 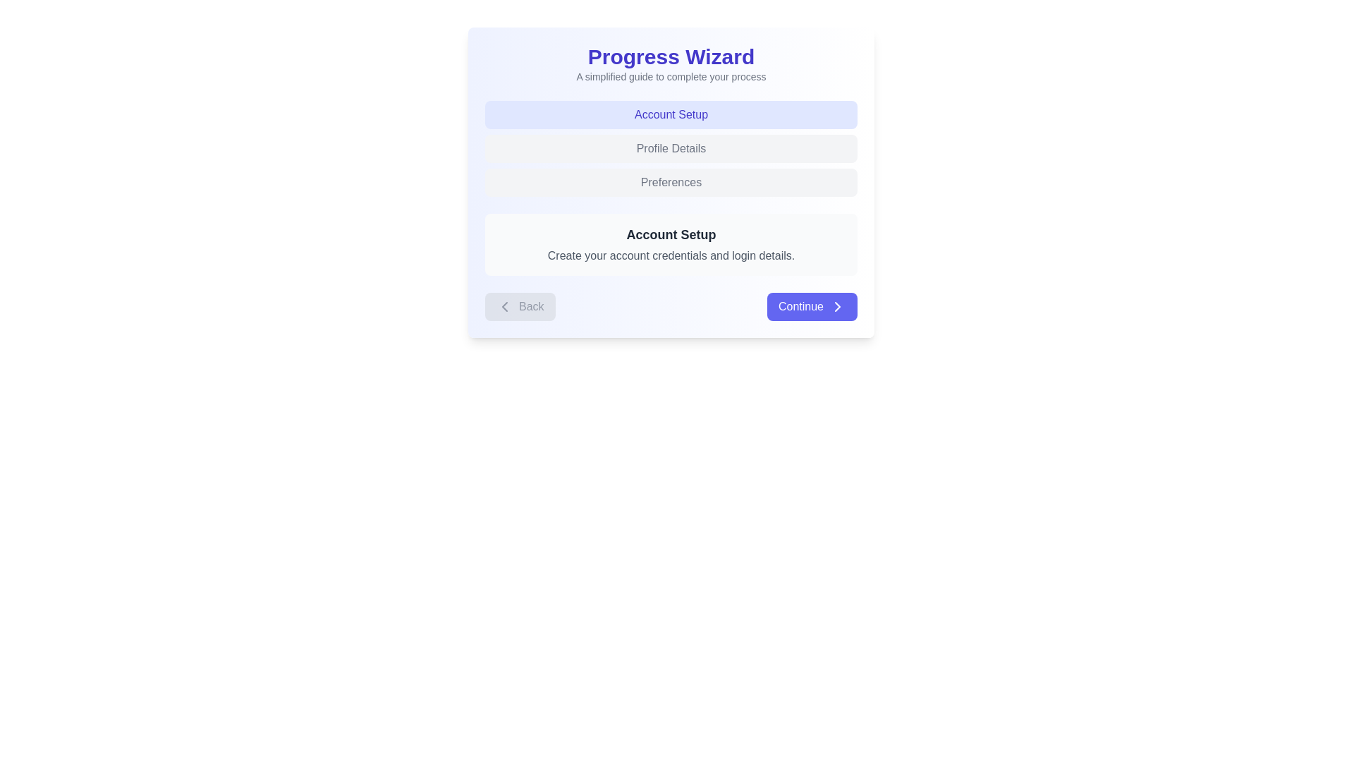 What do you see at coordinates (504, 306) in the screenshot?
I see `the 'Back' button which contains the leftward-pointing chevron icon on its left side` at bounding box center [504, 306].